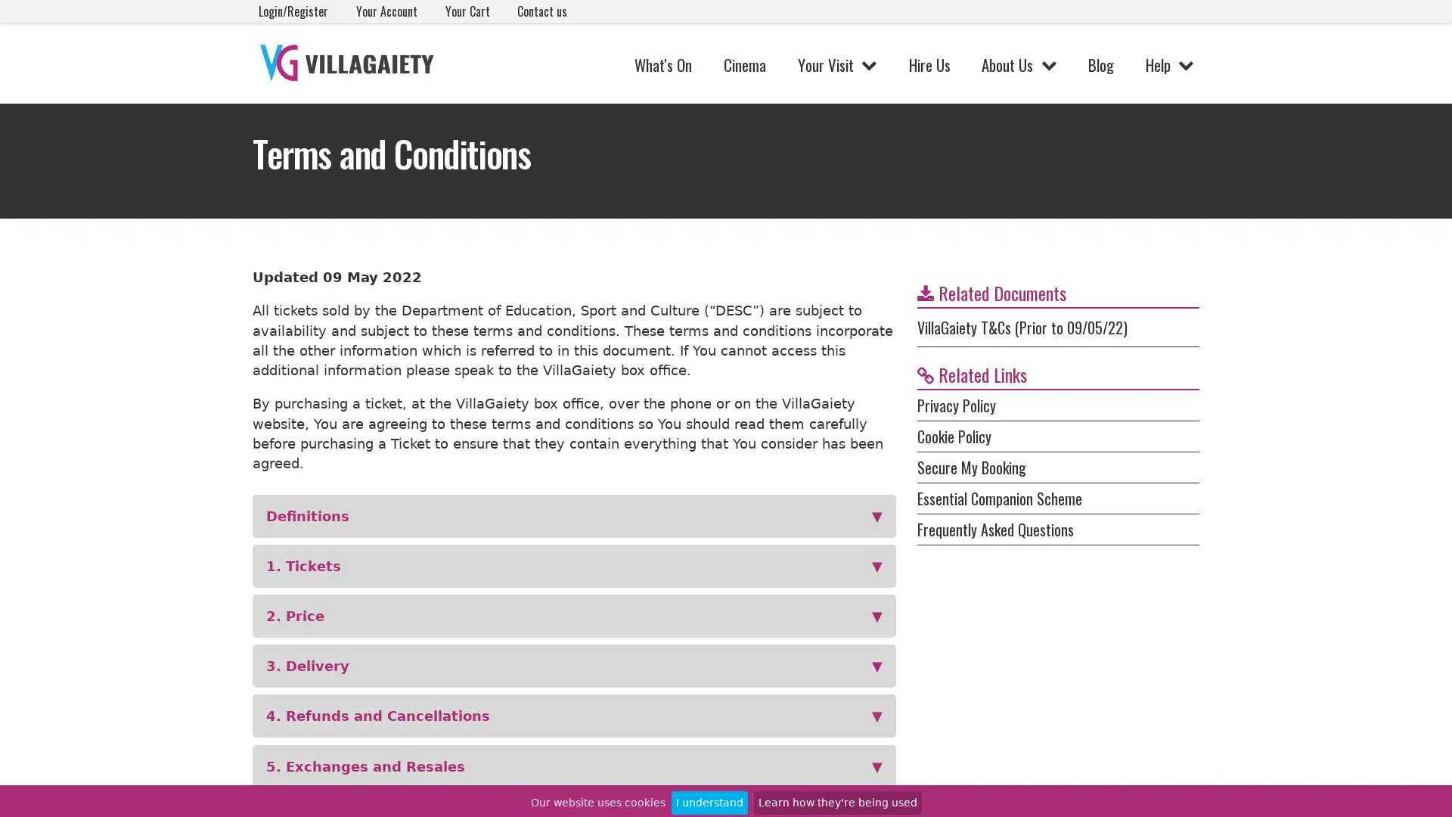 This screenshot has width=1452, height=817. I want to click on Your Visit, so click(836, 64).